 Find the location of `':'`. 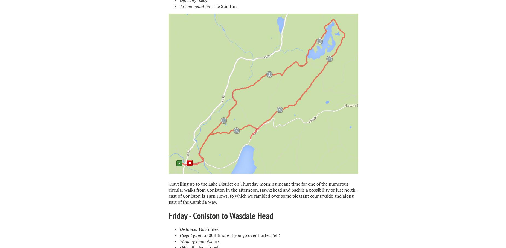

':' is located at coordinates (210, 6).